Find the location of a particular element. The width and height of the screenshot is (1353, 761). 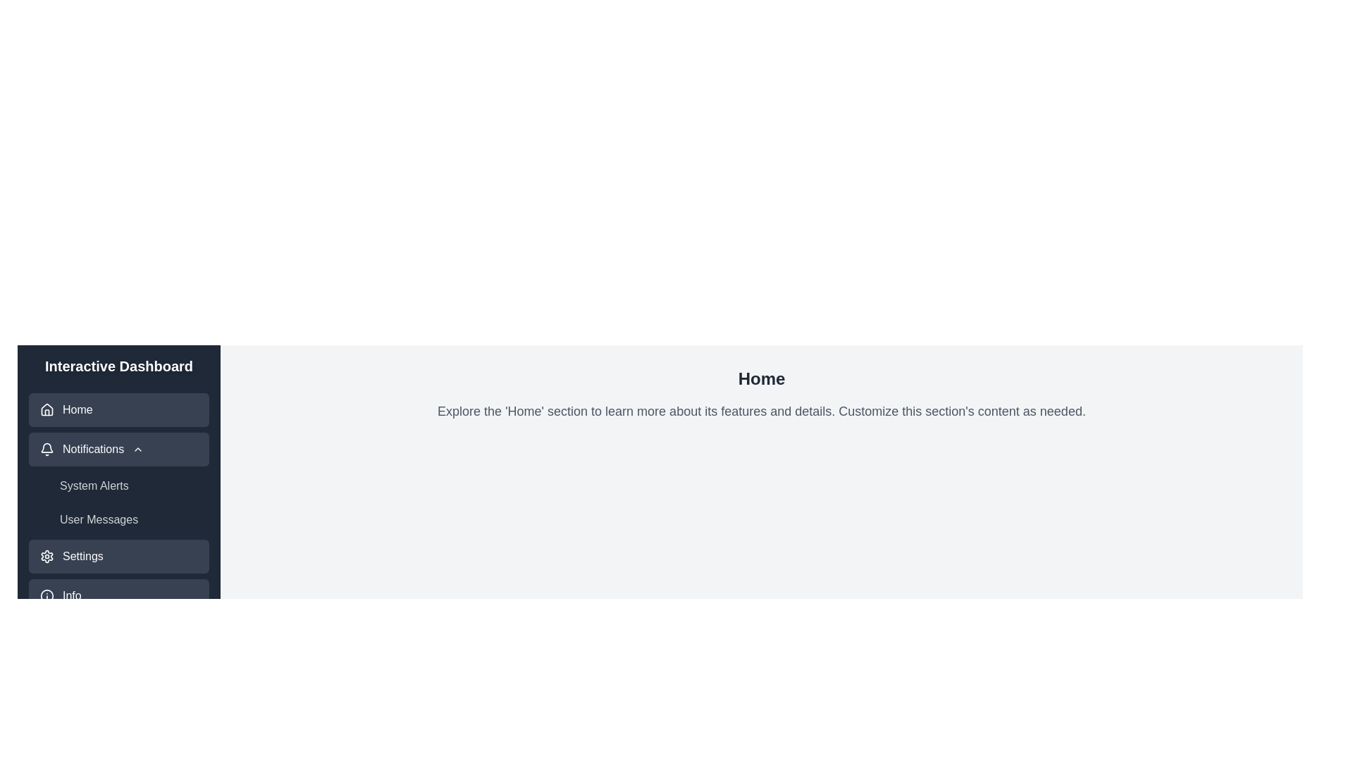

the 'System Alerts' sub-item in the 'Notifications' expandable navigation menu group is located at coordinates (118, 483).